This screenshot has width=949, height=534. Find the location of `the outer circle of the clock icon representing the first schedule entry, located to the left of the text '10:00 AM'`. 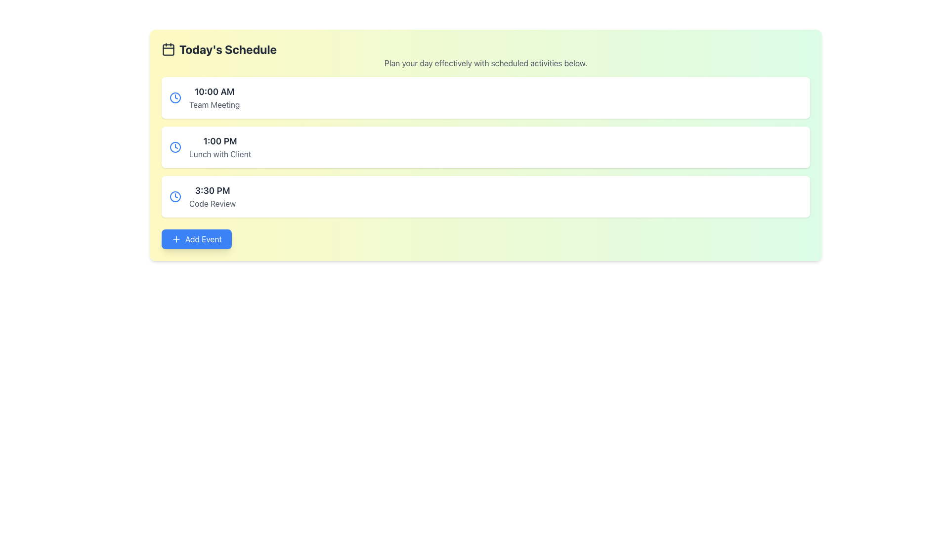

the outer circle of the clock icon representing the first schedule entry, located to the left of the text '10:00 AM' is located at coordinates (175, 97).